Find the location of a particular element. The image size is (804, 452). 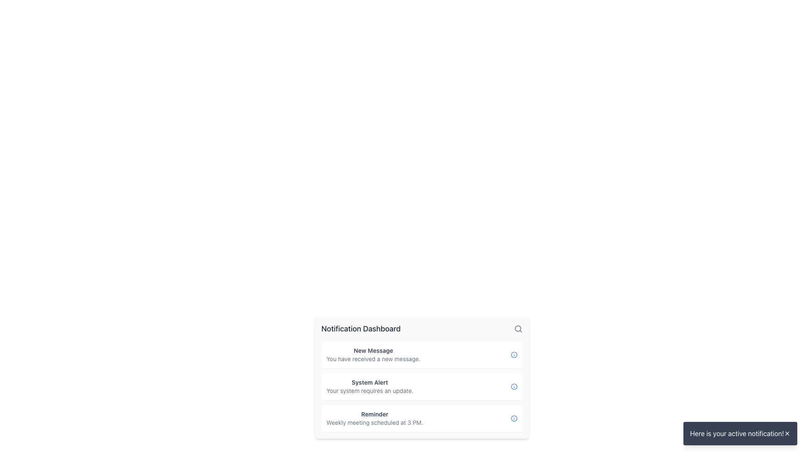

the static notification text element located towards the bottom-right of the interface, which provides relevant information or updates is located at coordinates (736, 433).